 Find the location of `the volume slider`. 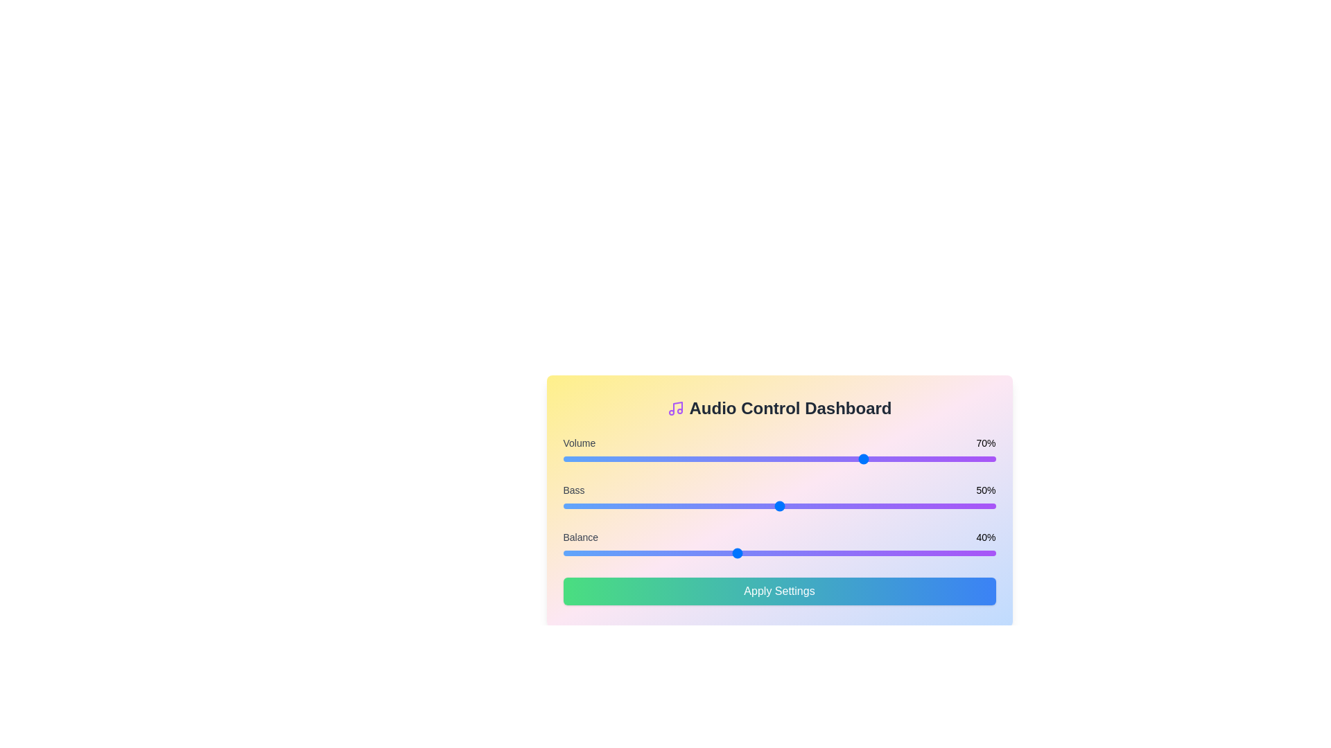

the volume slider is located at coordinates (618, 459).